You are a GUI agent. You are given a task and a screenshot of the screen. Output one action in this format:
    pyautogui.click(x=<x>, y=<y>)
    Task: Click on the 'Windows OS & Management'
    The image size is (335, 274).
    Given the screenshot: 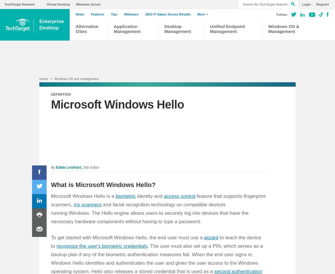 What is the action you would take?
    pyautogui.click(x=268, y=29)
    